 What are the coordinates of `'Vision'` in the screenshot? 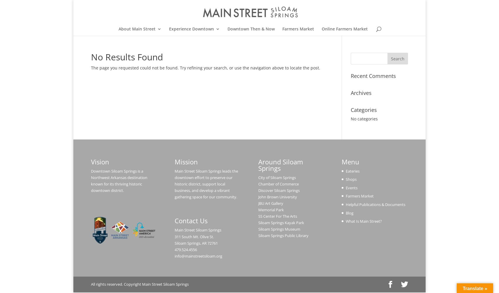 It's located at (100, 161).